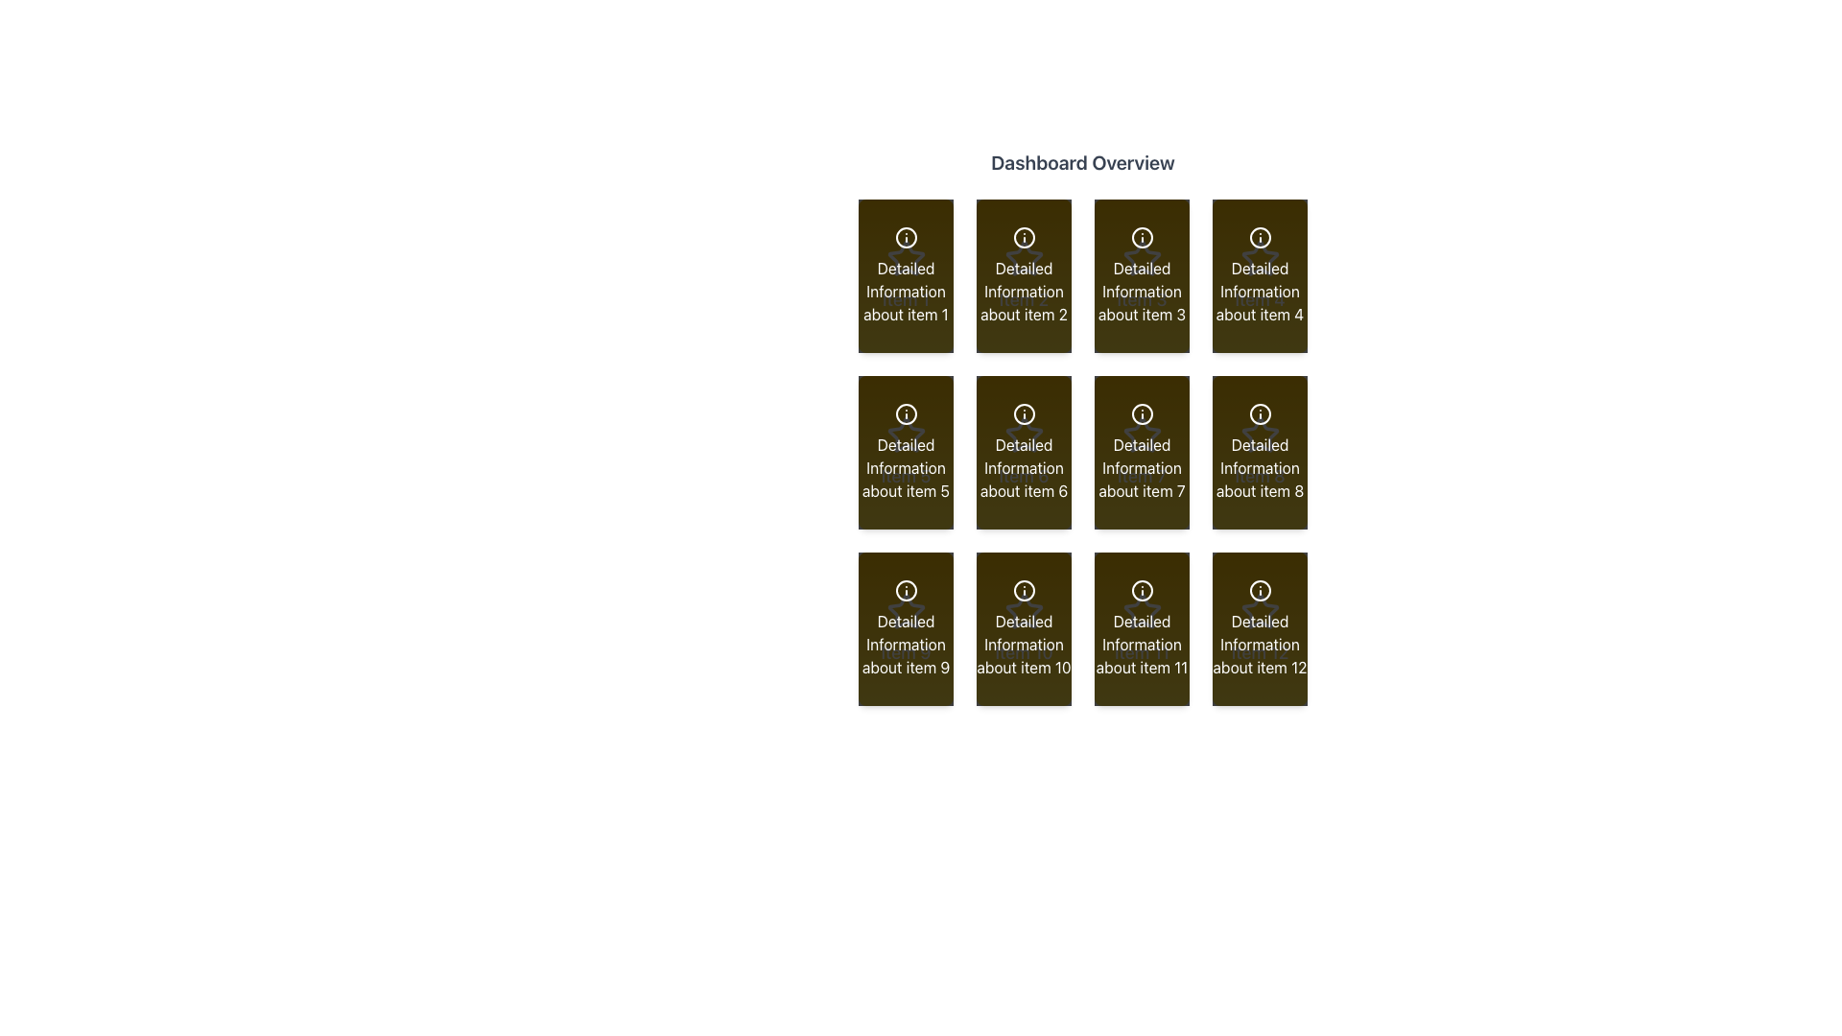 The height and width of the screenshot is (1036, 1842). Describe the element at coordinates (1142, 413) in the screenshot. I see `the SVG icon representing an 'information' symbol, which is located in the center of the tile labeled 'Detailed Information about item 7'` at that location.